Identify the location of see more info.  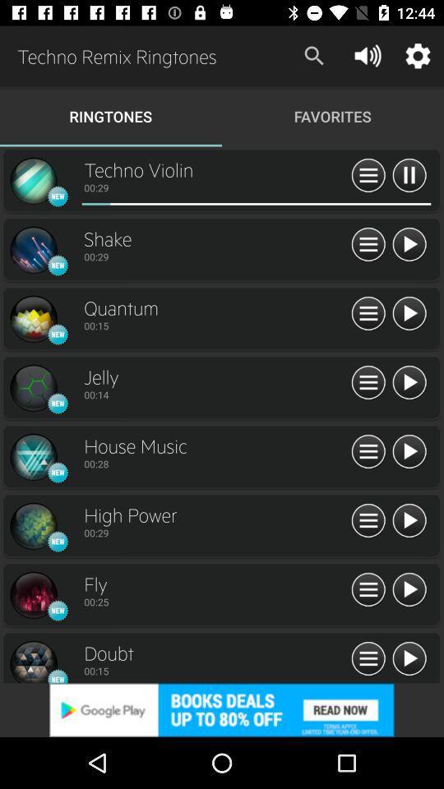
(368, 244).